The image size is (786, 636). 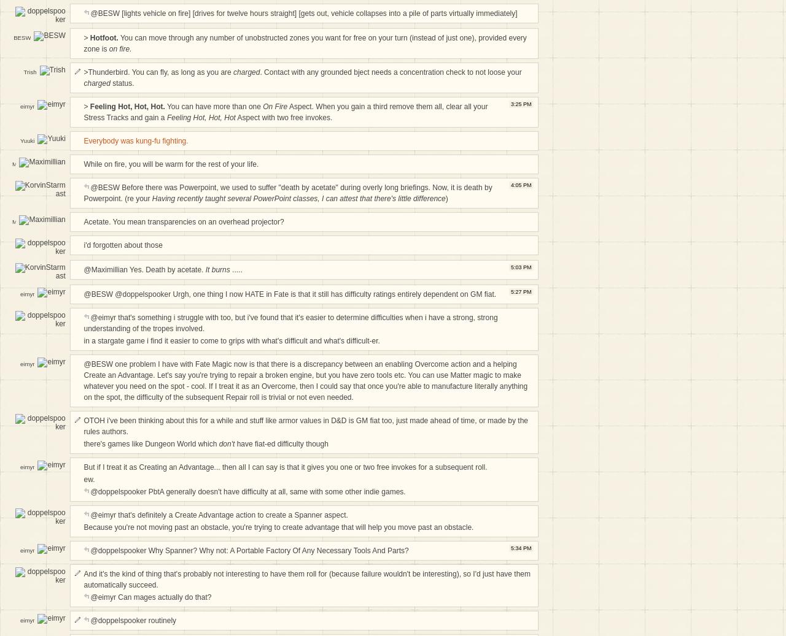 What do you see at coordinates (236, 269) in the screenshot?
I see `'.....'` at bounding box center [236, 269].